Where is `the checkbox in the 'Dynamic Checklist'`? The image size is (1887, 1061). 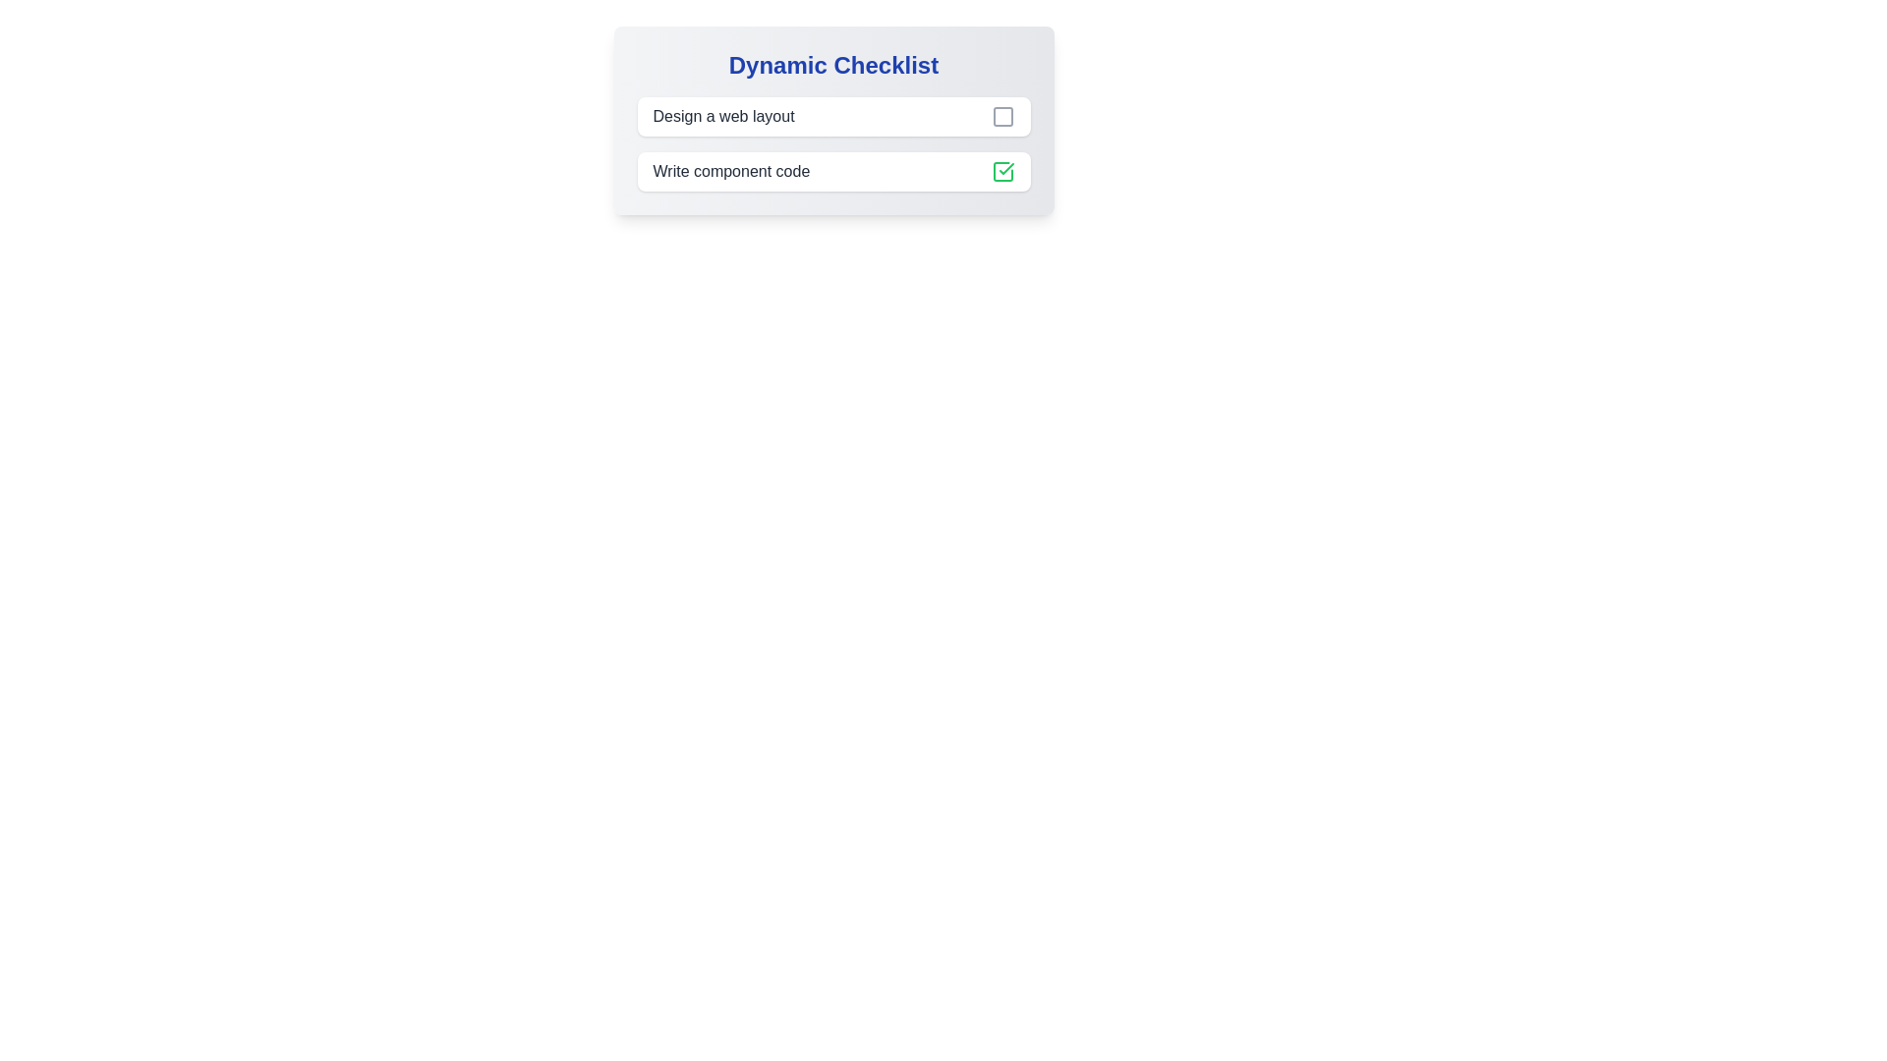
the checkbox in the 'Dynamic Checklist' is located at coordinates (833, 142).